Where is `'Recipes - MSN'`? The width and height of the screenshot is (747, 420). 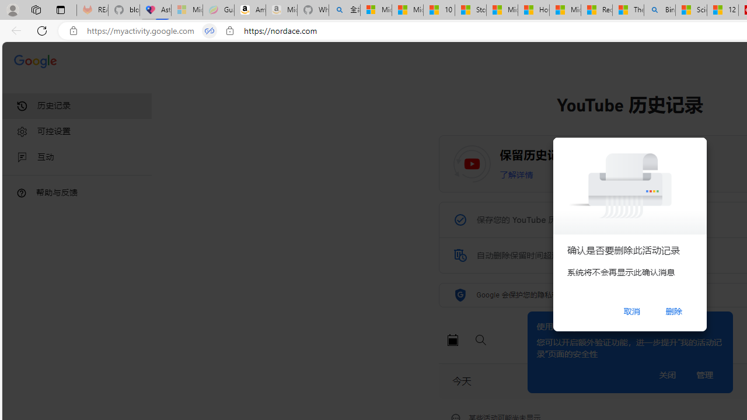 'Recipes - MSN' is located at coordinates (596, 10).